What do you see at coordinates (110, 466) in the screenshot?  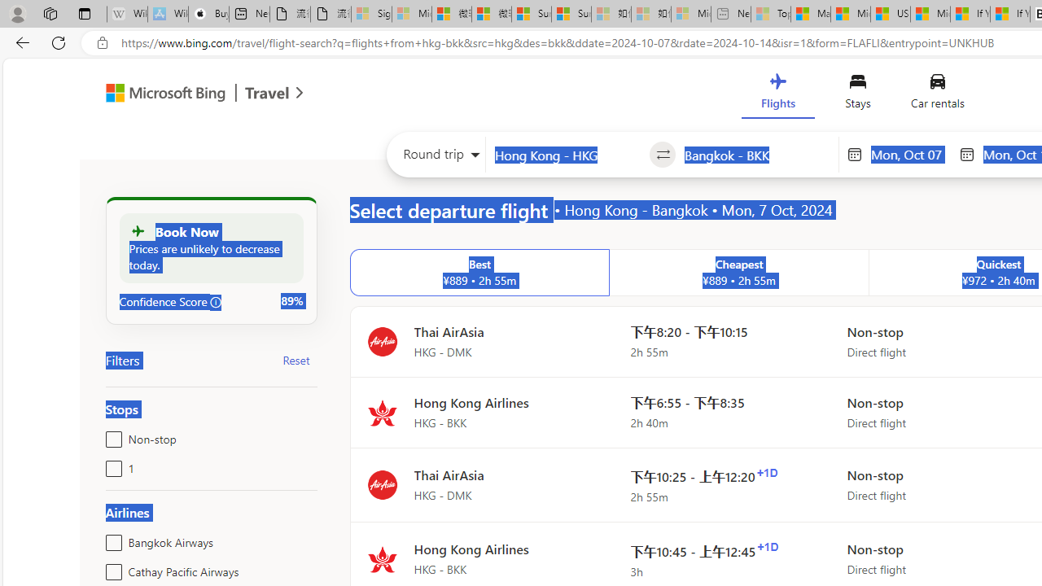 I see `'1'` at bounding box center [110, 466].